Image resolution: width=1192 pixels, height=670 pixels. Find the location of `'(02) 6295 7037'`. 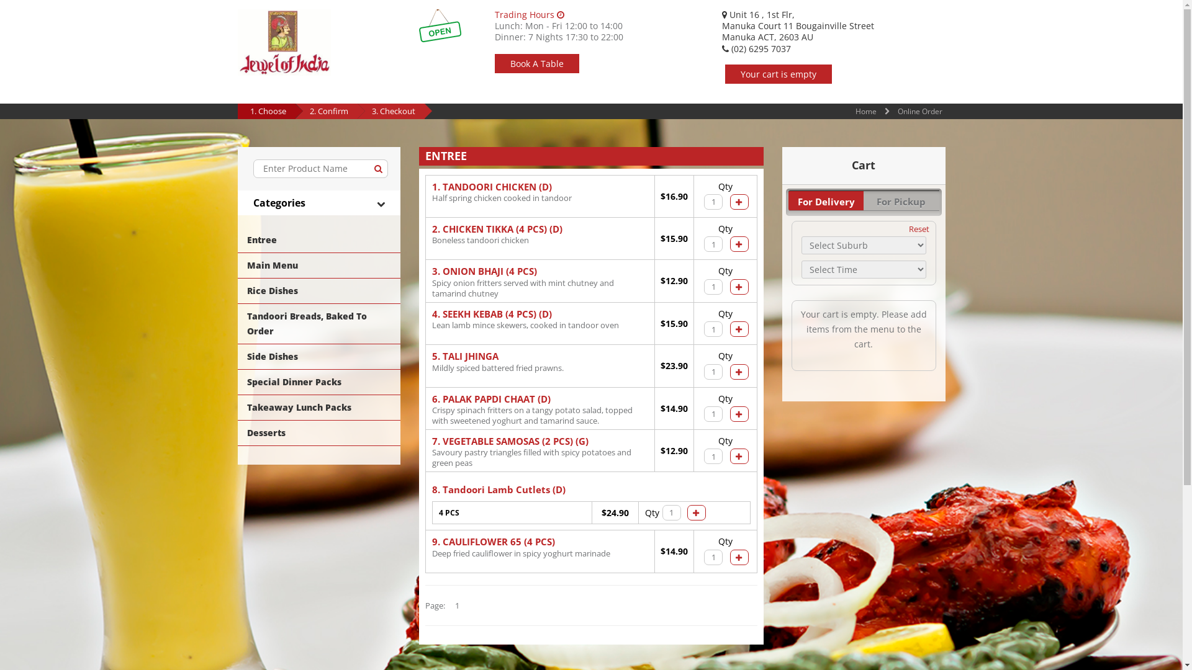

'(02) 6295 7037' is located at coordinates (755, 48).